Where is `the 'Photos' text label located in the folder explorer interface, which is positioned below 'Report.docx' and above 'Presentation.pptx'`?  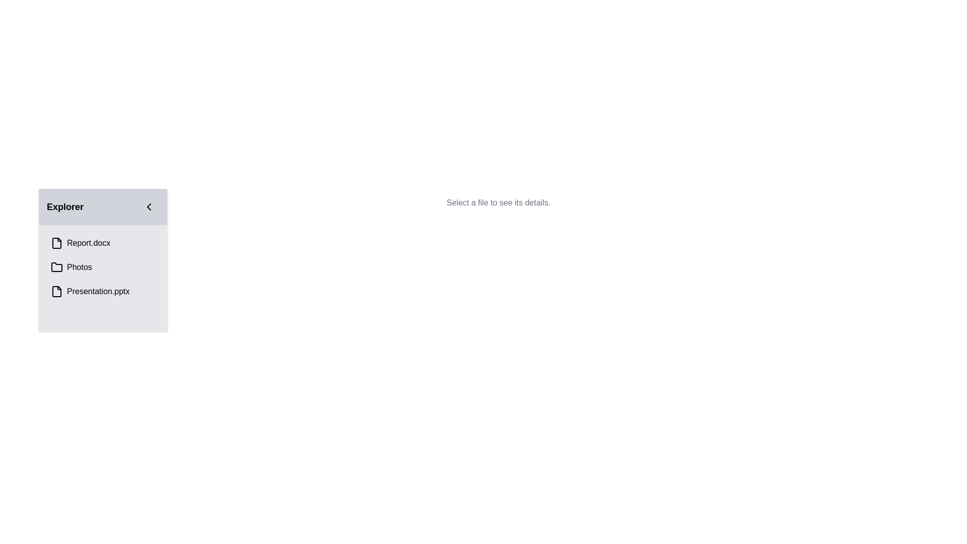
the 'Photos' text label located in the folder explorer interface, which is positioned below 'Report.docx' and above 'Presentation.pptx' is located at coordinates (79, 267).